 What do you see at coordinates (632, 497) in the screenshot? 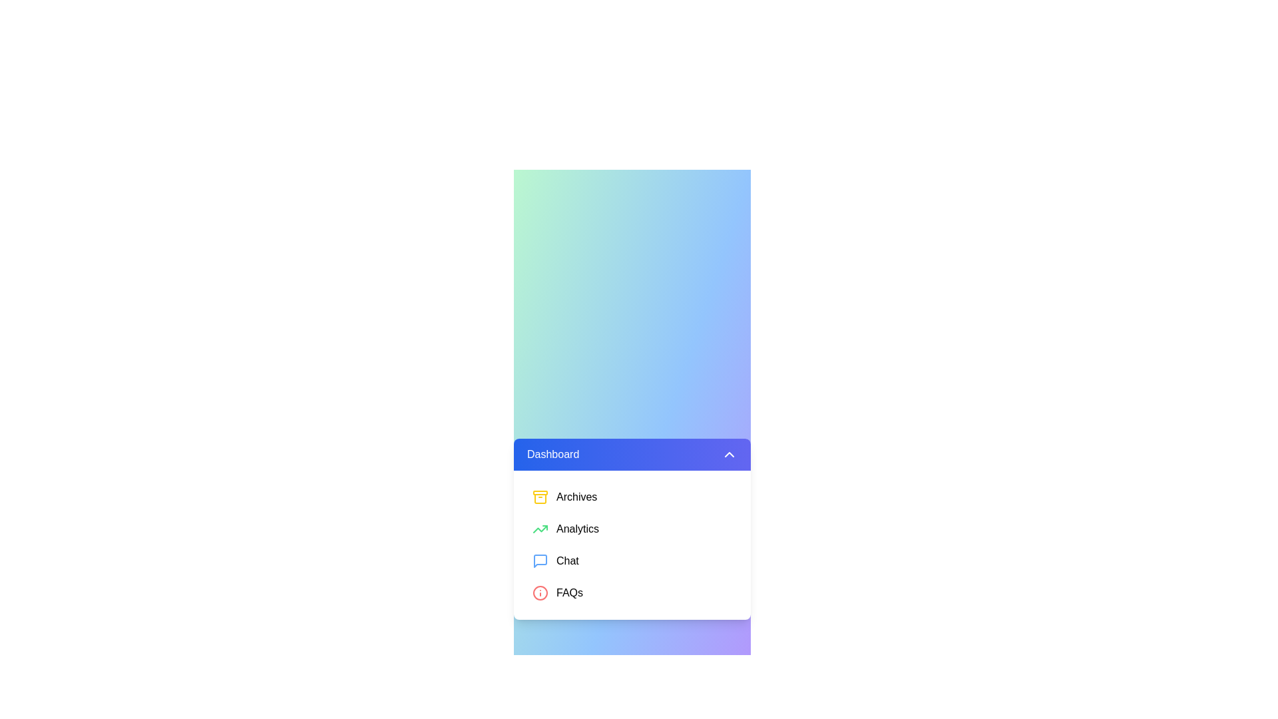
I see `the menu item Archives` at bounding box center [632, 497].